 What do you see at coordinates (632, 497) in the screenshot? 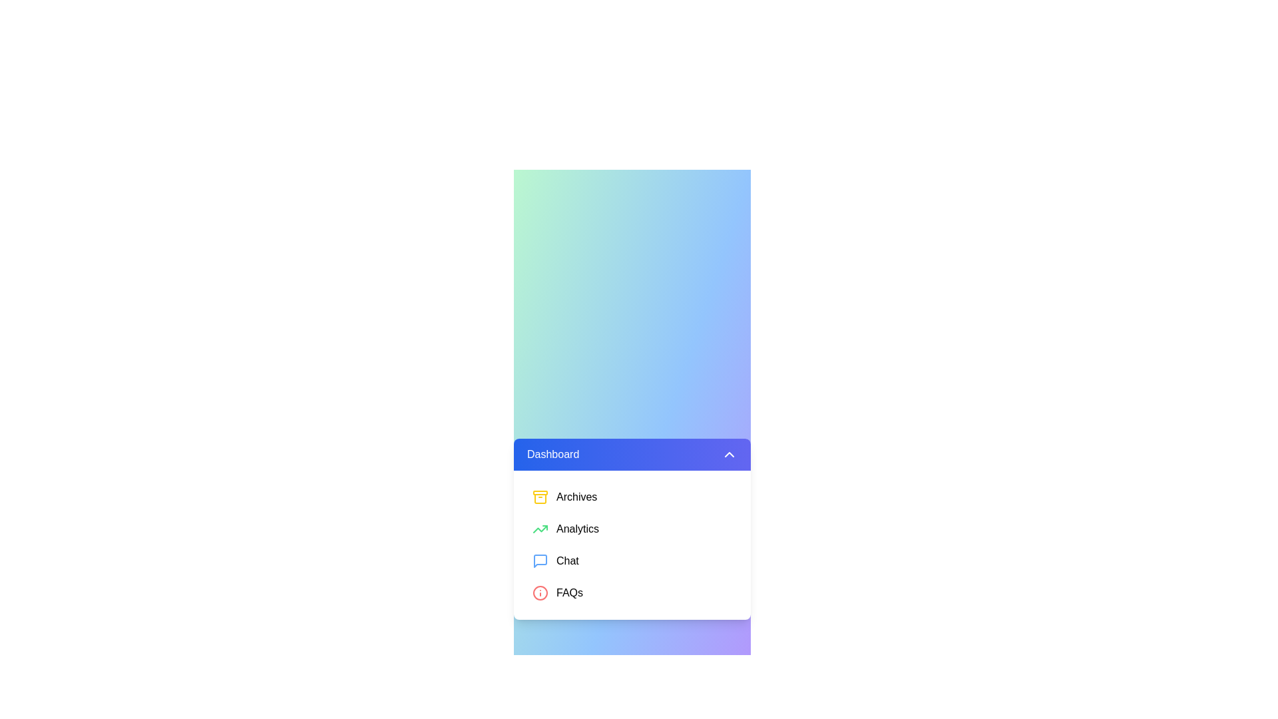
I see `the menu item Archives` at bounding box center [632, 497].